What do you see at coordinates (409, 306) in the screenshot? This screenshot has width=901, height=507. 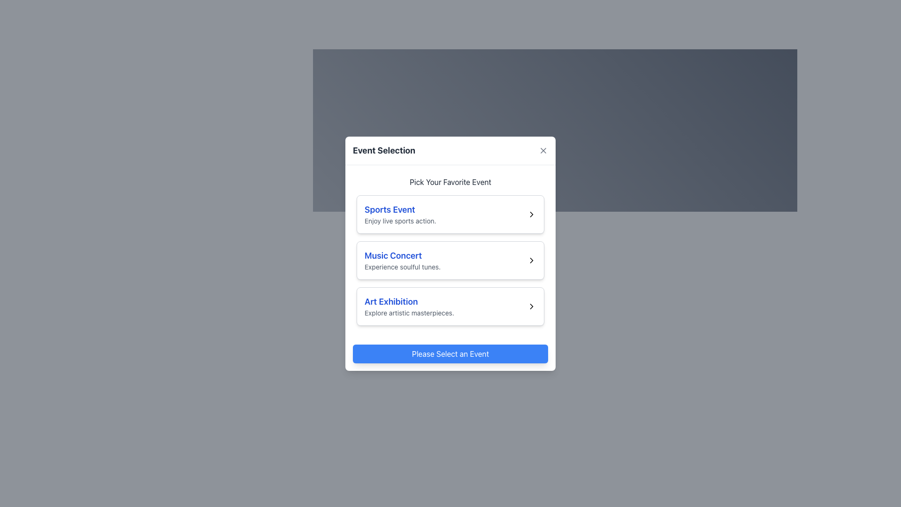 I see `the 'Art Exhibition' text` at bounding box center [409, 306].